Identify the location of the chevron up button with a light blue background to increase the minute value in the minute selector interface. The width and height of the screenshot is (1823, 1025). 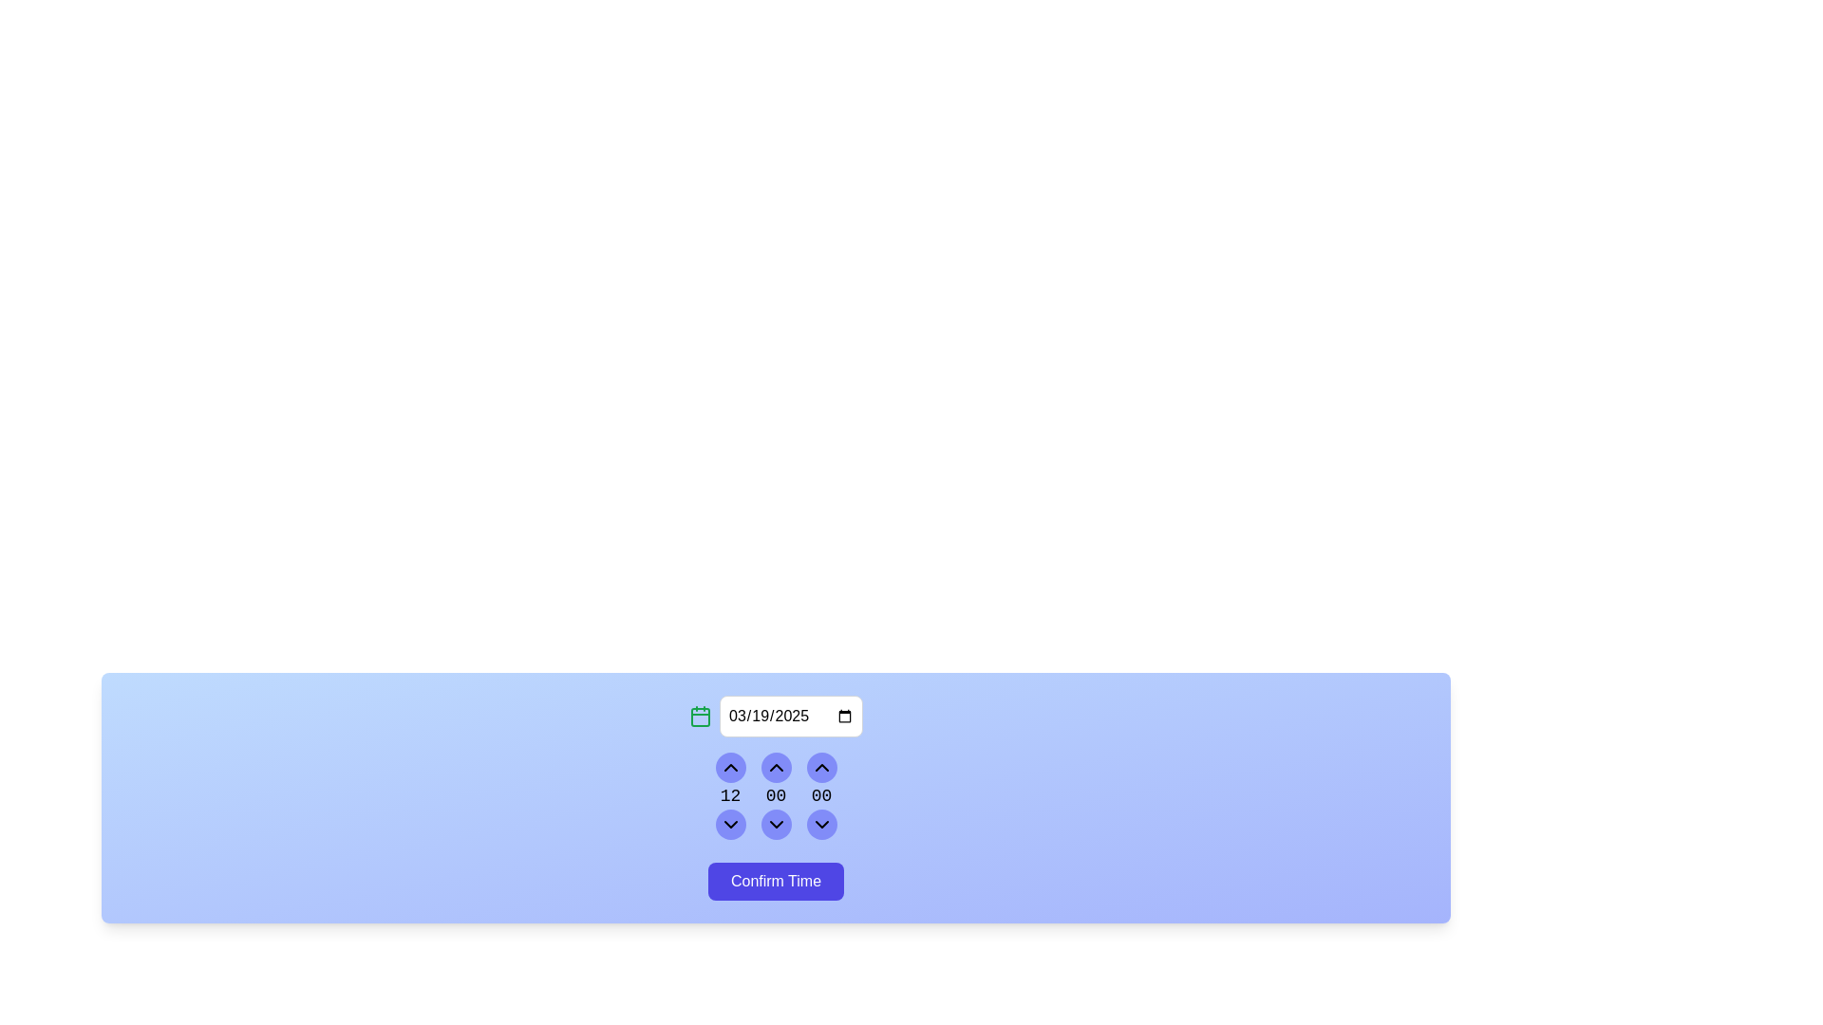
(776, 767).